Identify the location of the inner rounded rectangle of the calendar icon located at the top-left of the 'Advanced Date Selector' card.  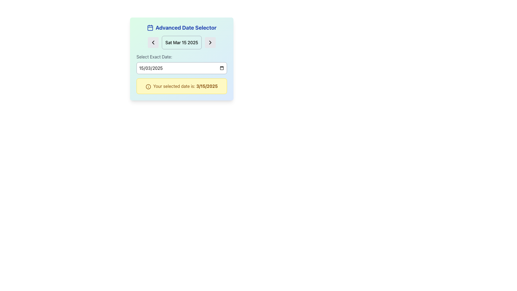
(150, 28).